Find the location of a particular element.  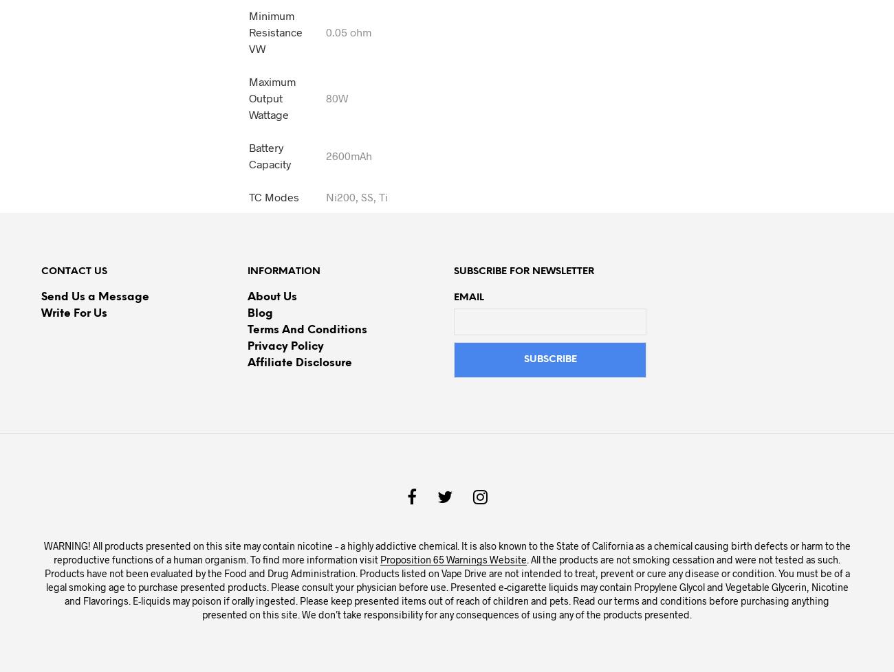

'2600mAh' is located at coordinates (349, 155).